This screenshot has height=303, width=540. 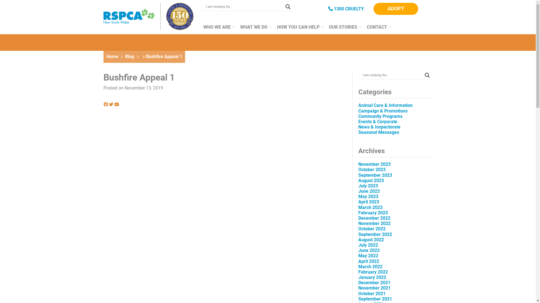 I want to click on 'November 2021', so click(x=374, y=288).